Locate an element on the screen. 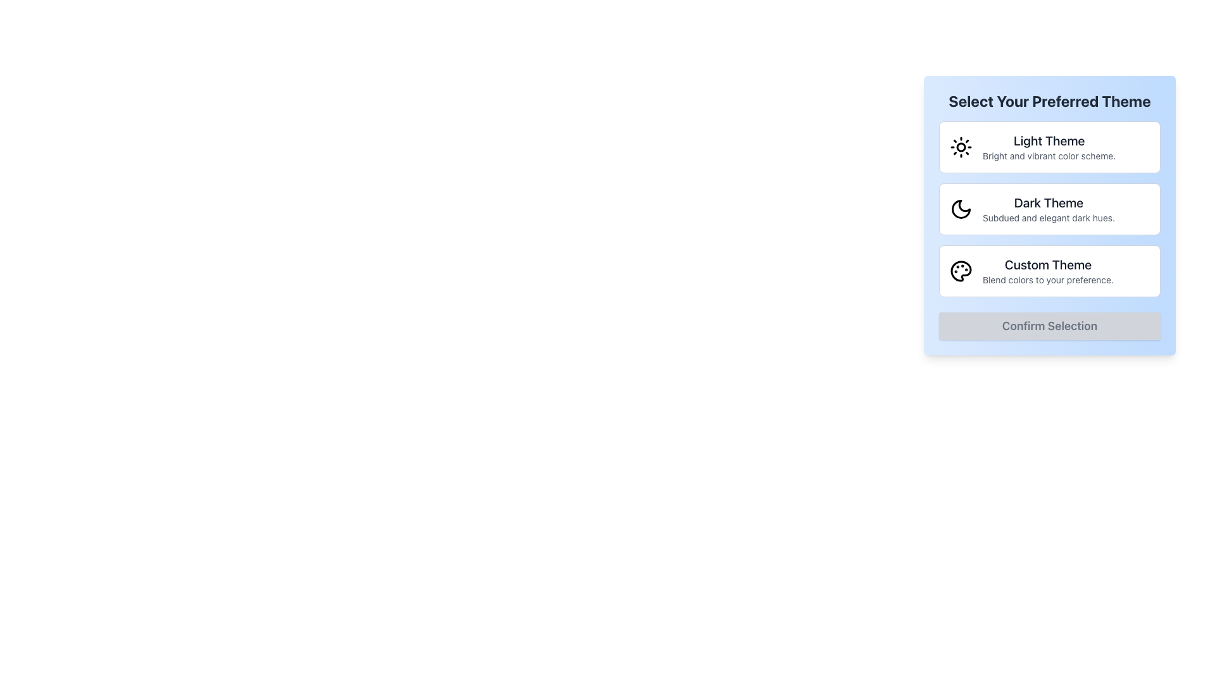 Image resolution: width=1215 pixels, height=683 pixels. the text label that provides a description about the 'Custom Theme' selection, located directly below the bold title 'Custom Theme' within the theme selection card is located at coordinates (1048, 280).